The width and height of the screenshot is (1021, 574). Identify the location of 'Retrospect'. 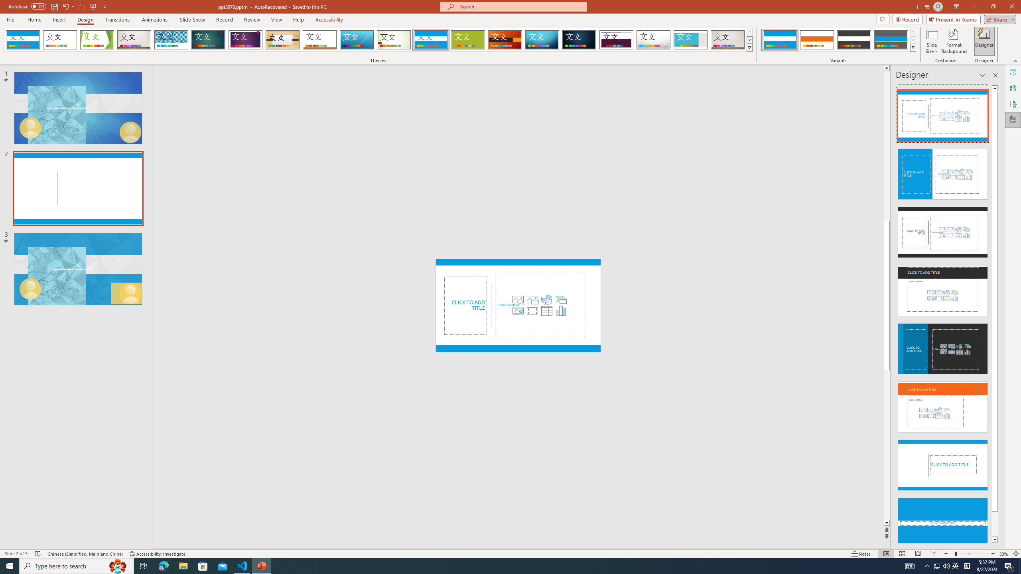
(319, 39).